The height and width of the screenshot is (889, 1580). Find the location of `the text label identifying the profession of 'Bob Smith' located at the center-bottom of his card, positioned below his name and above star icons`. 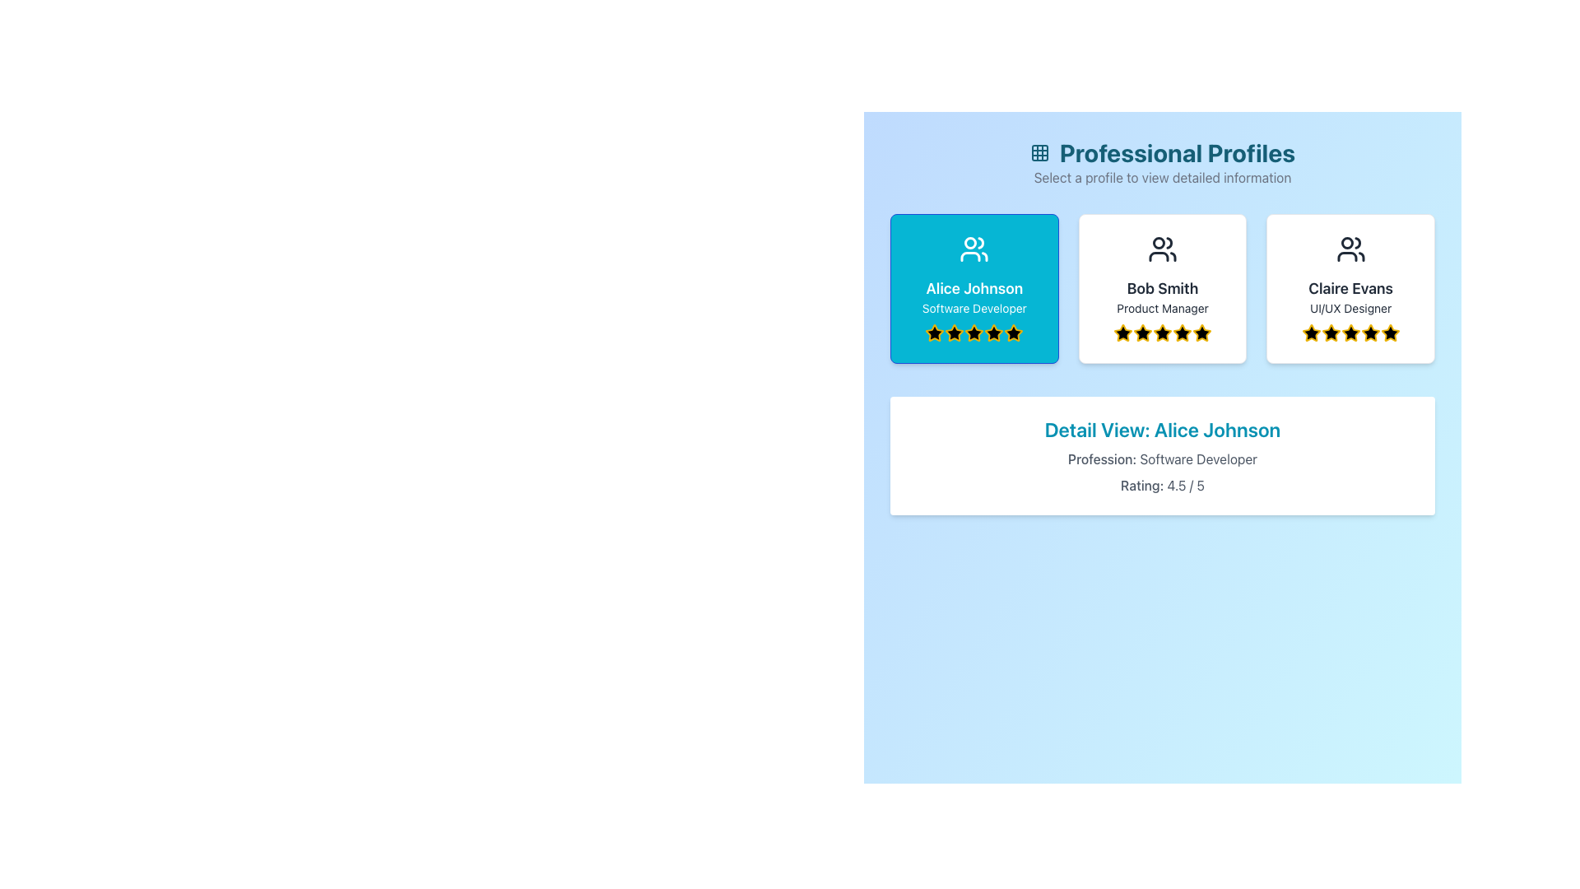

the text label identifying the profession of 'Bob Smith' located at the center-bottom of his card, positioned below his name and above star icons is located at coordinates (1161, 308).